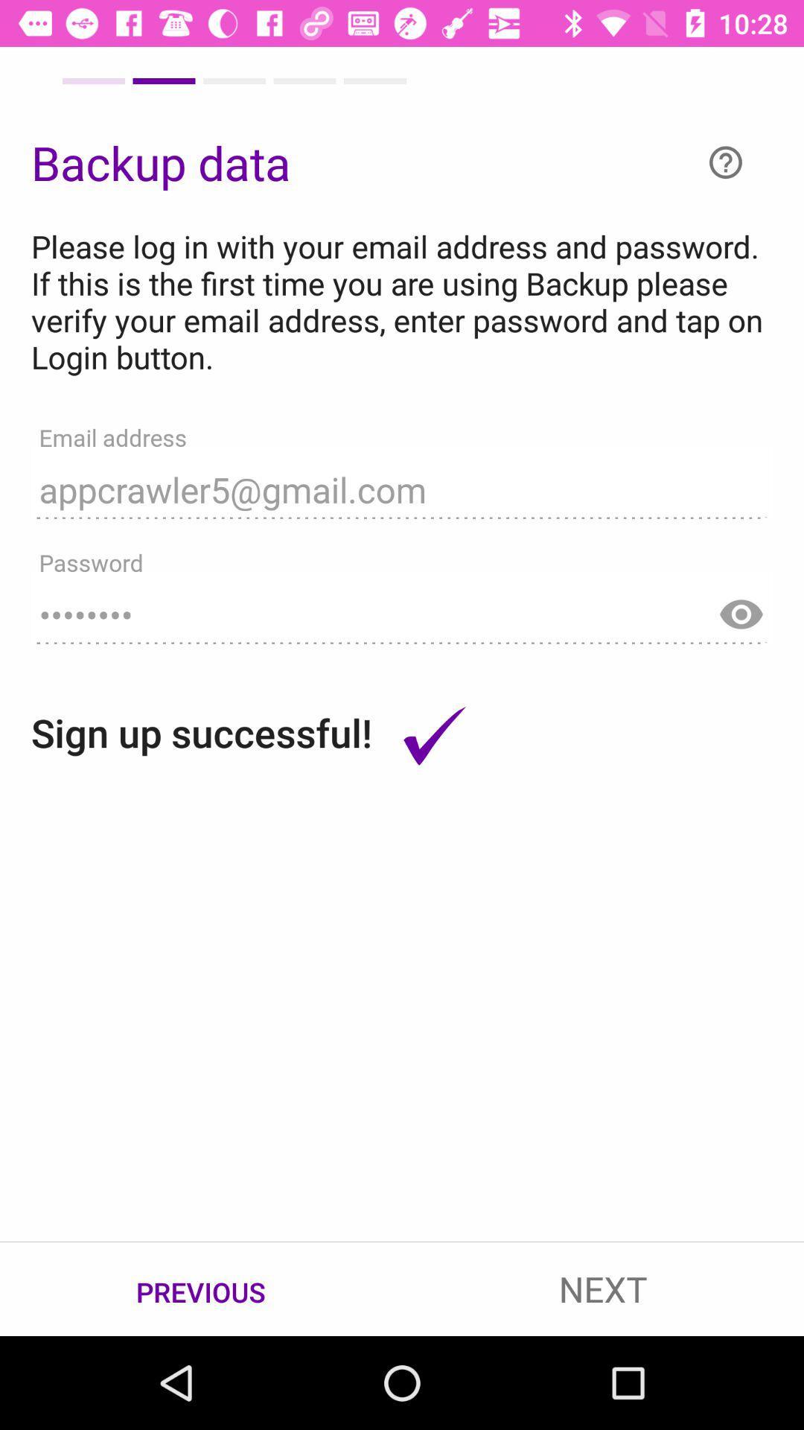 Image resolution: width=804 pixels, height=1430 pixels. Describe the element at coordinates (725, 162) in the screenshot. I see `open backup help` at that location.